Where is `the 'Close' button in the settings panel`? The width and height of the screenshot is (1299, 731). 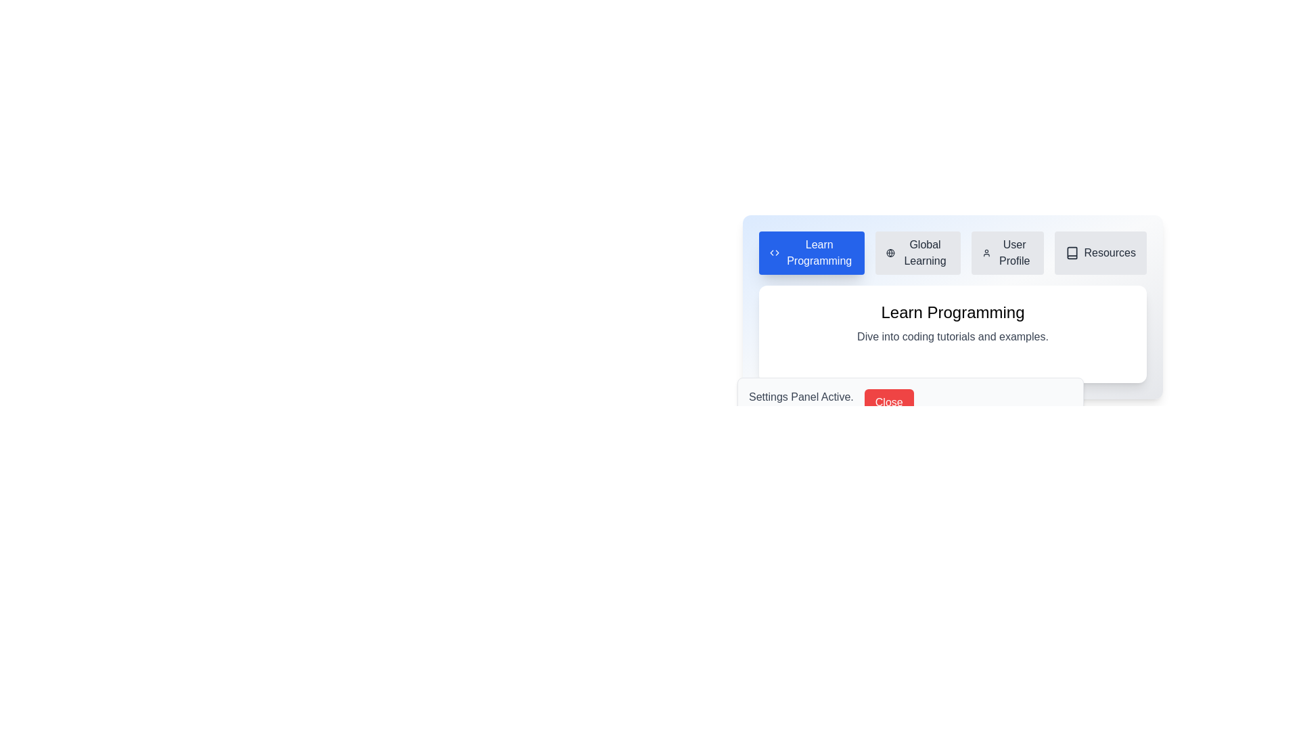
the 'Close' button in the settings panel is located at coordinates (889, 401).